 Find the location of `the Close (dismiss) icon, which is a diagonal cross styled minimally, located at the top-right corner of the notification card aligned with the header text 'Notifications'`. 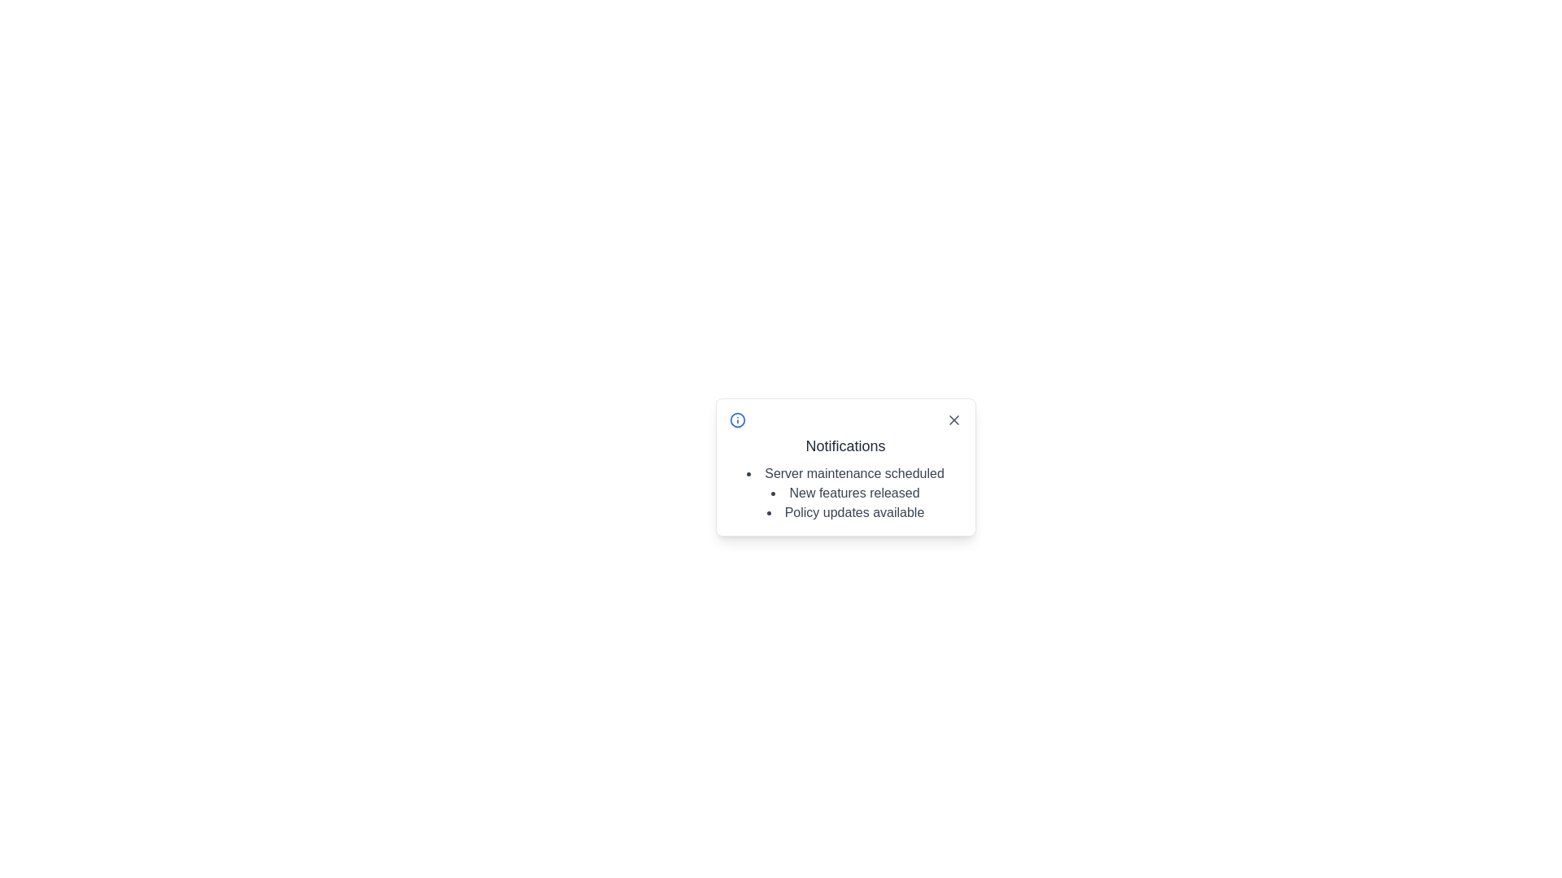

the Close (dismiss) icon, which is a diagonal cross styled minimally, located at the top-right corner of the notification card aligned with the header text 'Notifications' is located at coordinates (953, 419).